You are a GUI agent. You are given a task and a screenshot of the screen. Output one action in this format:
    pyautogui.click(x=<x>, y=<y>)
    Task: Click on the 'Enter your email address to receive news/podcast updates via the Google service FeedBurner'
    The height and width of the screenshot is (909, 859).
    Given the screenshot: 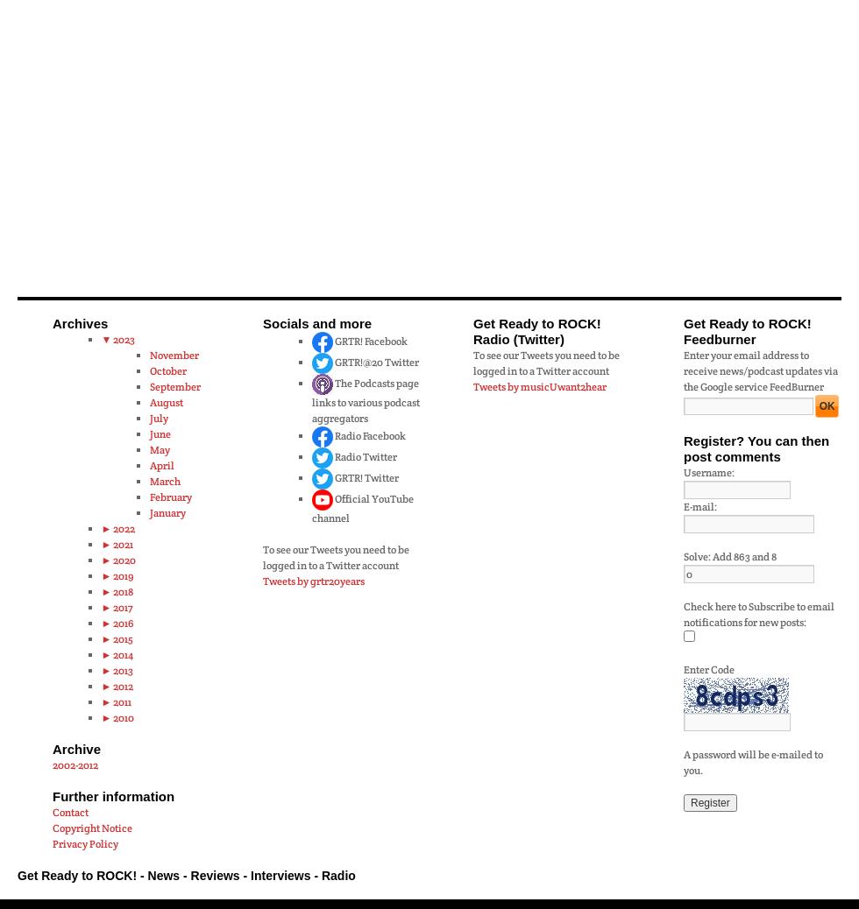 What is the action you would take?
    pyautogui.click(x=760, y=370)
    